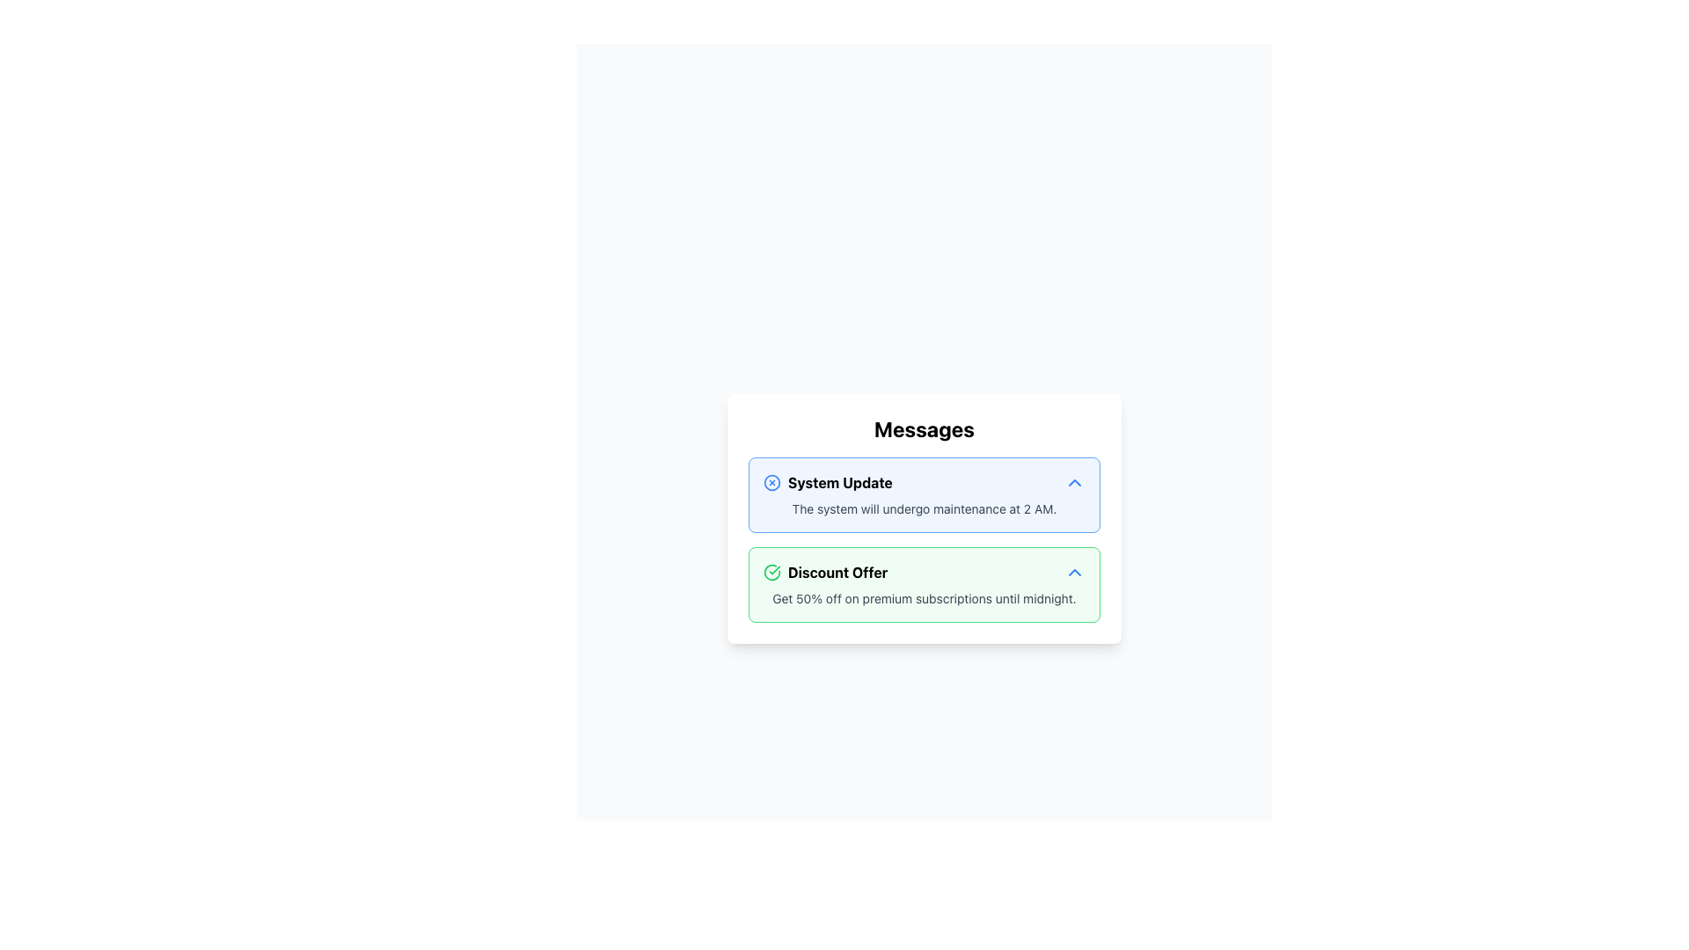 The height and width of the screenshot is (950, 1689). Describe the element at coordinates (772, 482) in the screenshot. I see `the closure or error icon related to the 'System Update' notification located at the top-left of the 'System Update' item in the messages list` at that location.